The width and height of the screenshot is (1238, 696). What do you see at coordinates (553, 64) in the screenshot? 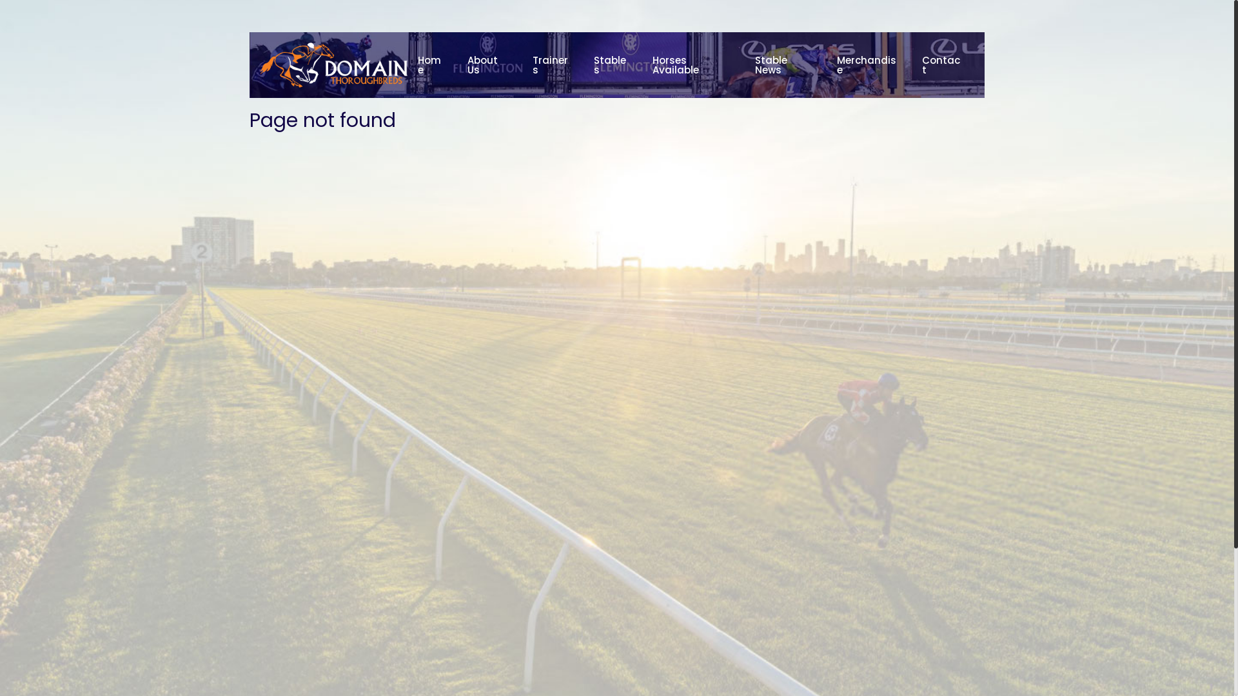
I see `'Trainers'` at bounding box center [553, 64].